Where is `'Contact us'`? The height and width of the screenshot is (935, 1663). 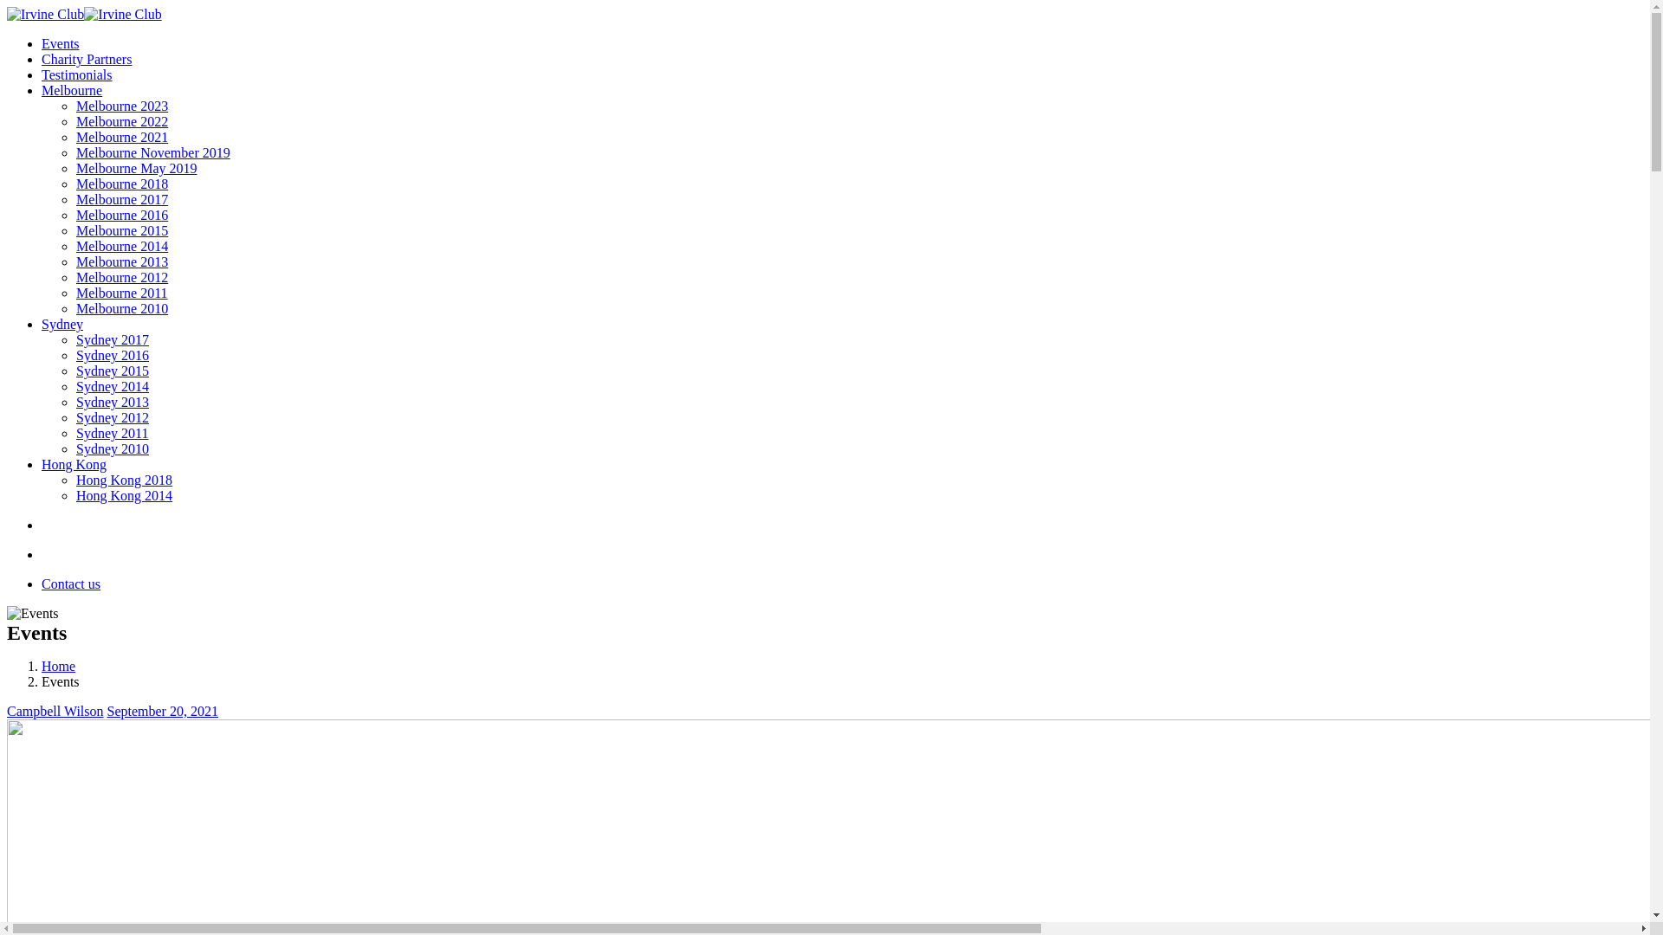 'Contact us' is located at coordinates (69, 584).